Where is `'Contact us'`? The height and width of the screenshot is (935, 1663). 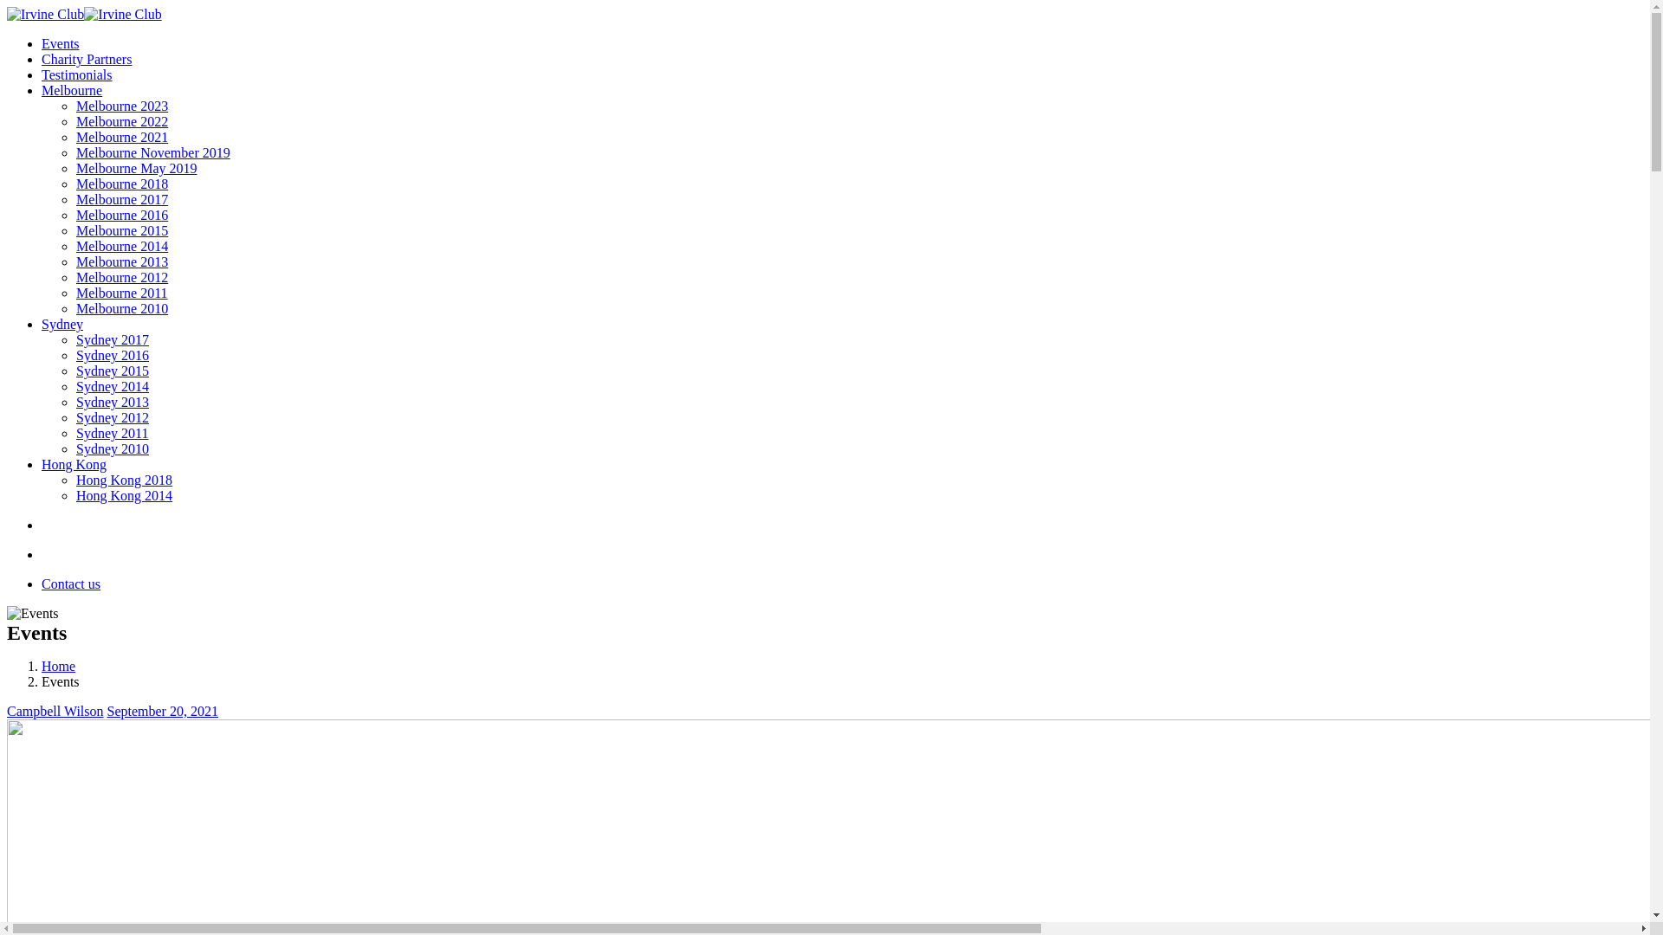 'Contact us' is located at coordinates (69, 584).